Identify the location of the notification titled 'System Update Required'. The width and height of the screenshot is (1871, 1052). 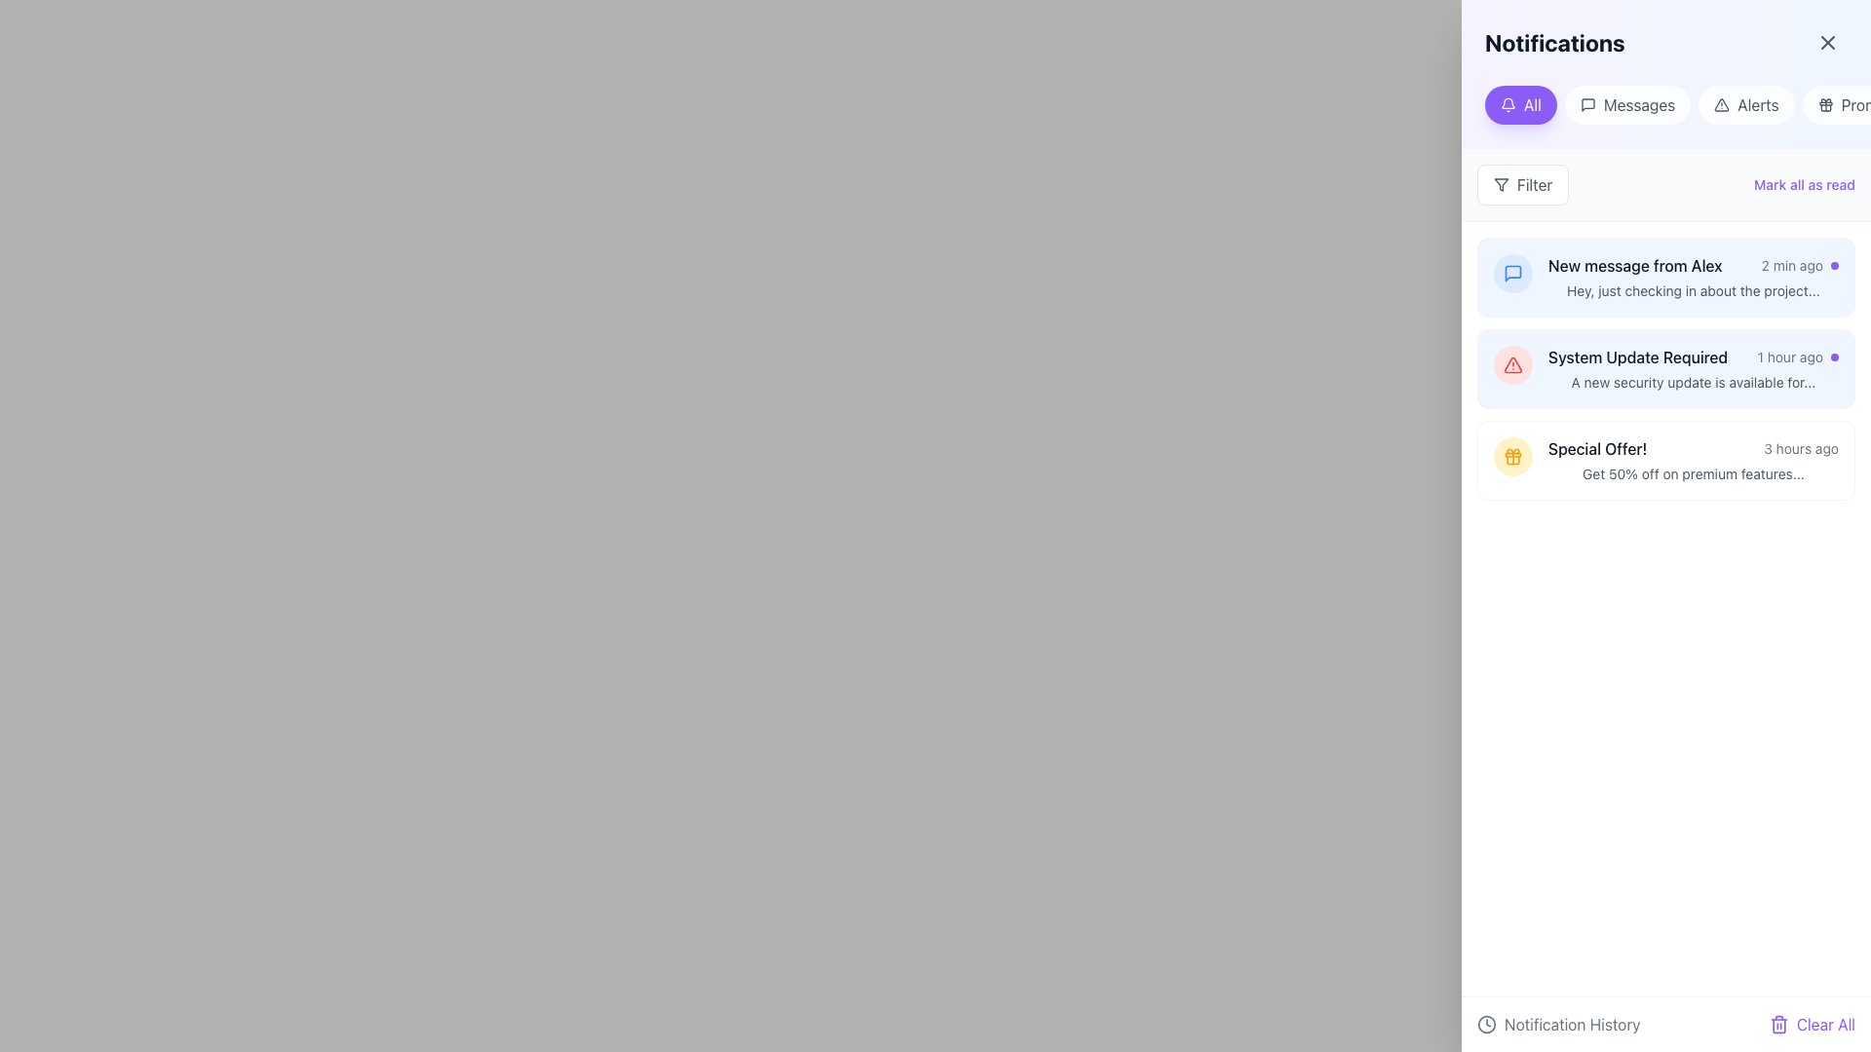
(1692, 357).